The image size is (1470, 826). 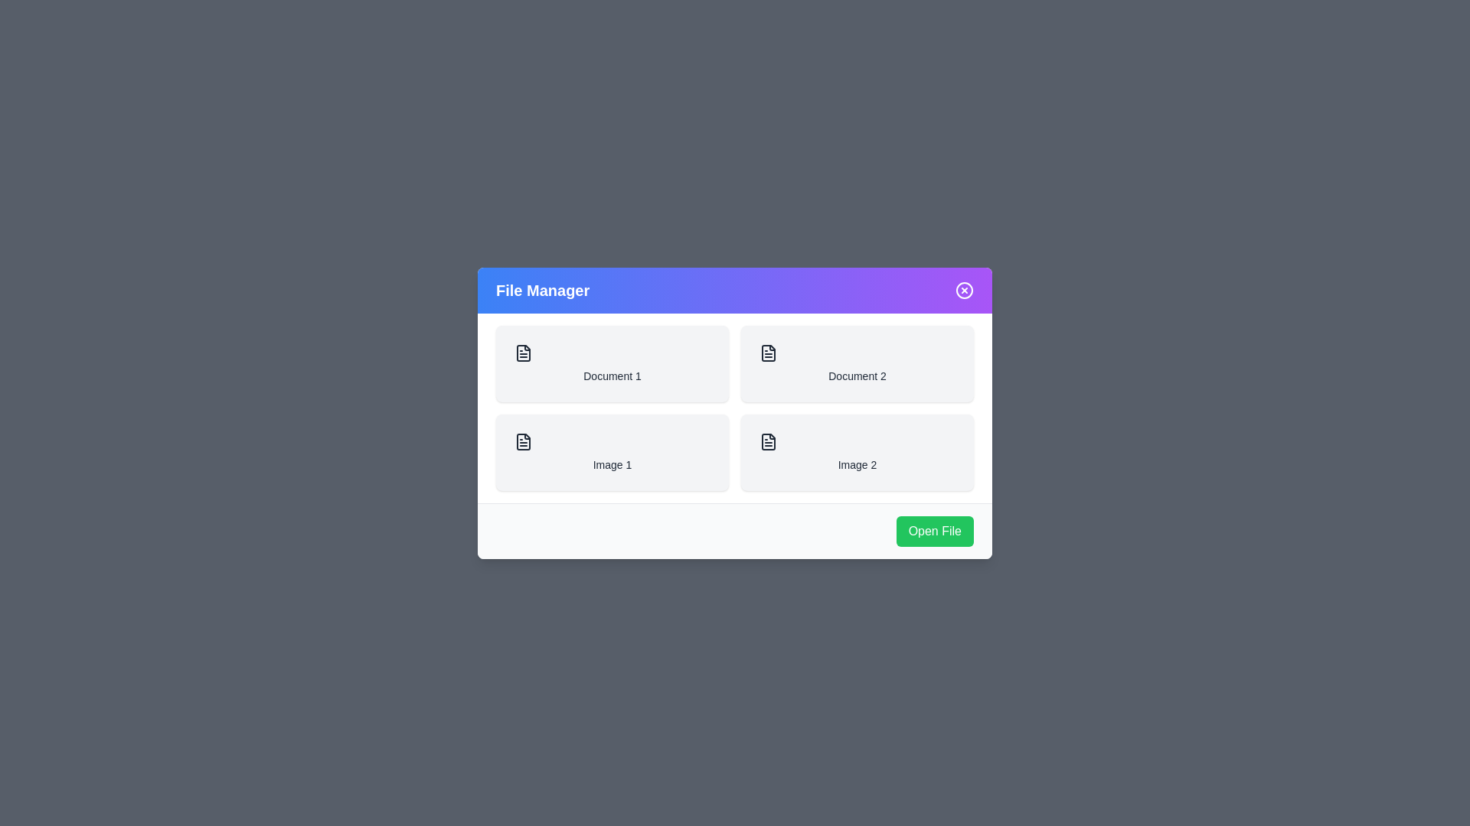 I want to click on the file item Image 2 from the list, so click(x=856, y=451).